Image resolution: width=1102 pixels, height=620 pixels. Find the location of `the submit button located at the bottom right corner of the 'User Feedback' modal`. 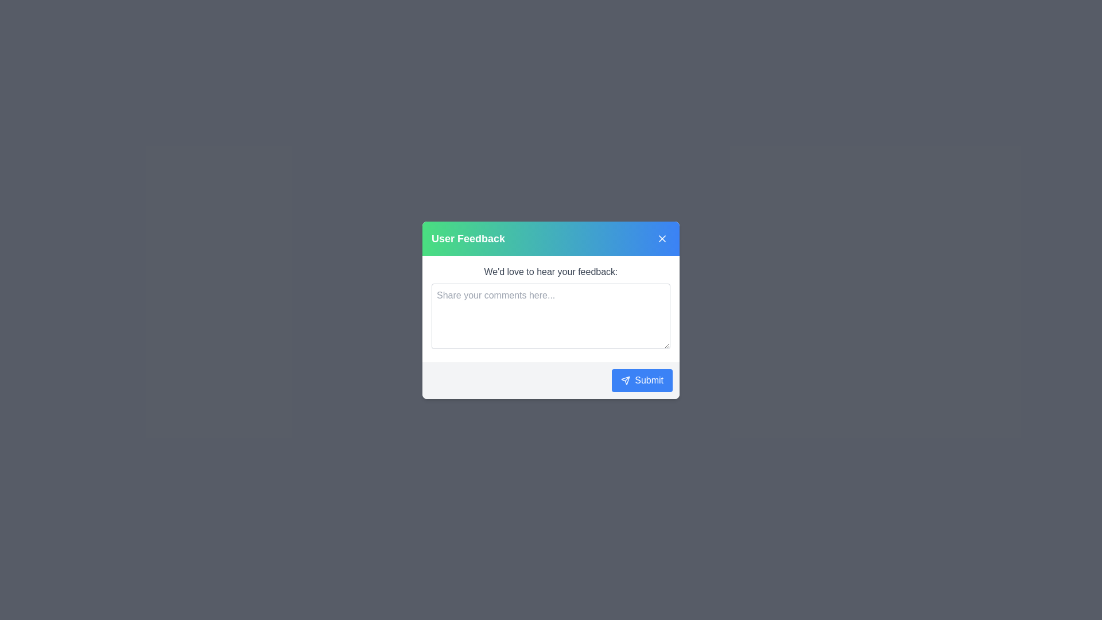

the submit button located at the bottom right corner of the 'User Feedback' modal is located at coordinates (641, 380).